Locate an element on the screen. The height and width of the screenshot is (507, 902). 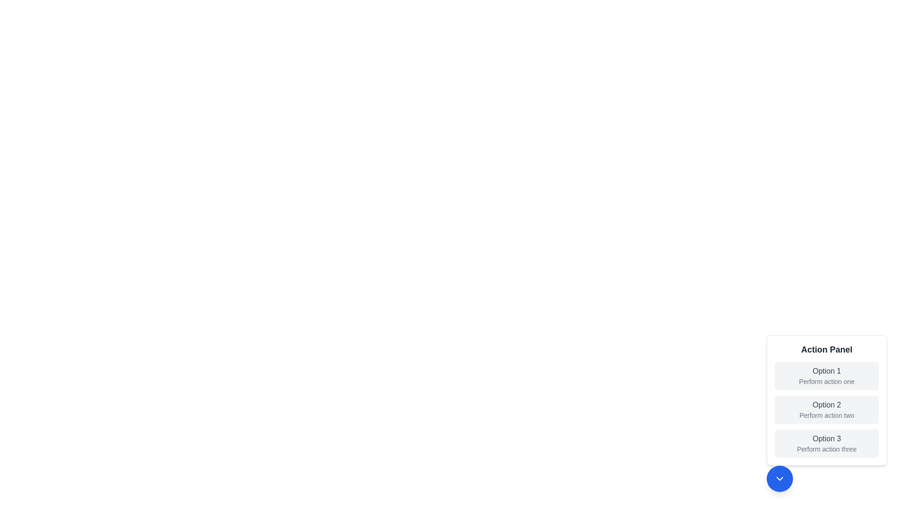
the button labeled 'Option 2' which represents the action 'Perform action two' is located at coordinates (827, 409).